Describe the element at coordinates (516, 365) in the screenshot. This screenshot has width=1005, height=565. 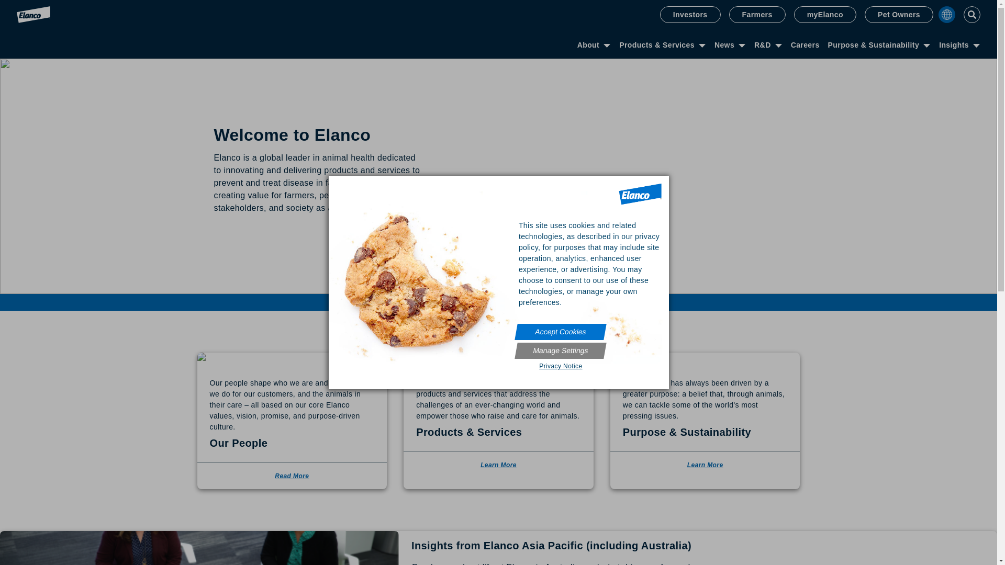
I see `'Privacy Notice'` at that location.